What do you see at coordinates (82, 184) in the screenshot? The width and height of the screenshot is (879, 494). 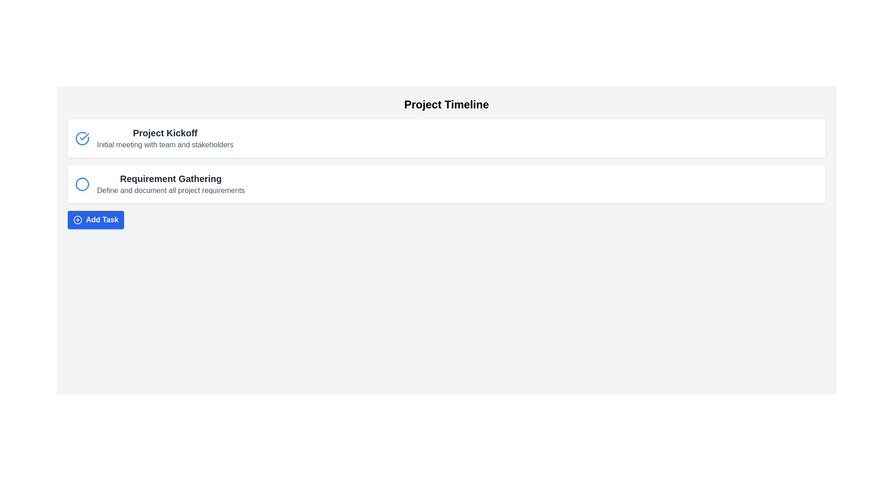 I see `the status indicator icon associated with the 'Requirement Gathering' task located below the 'Project Kickoff' task in the task list` at bounding box center [82, 184].